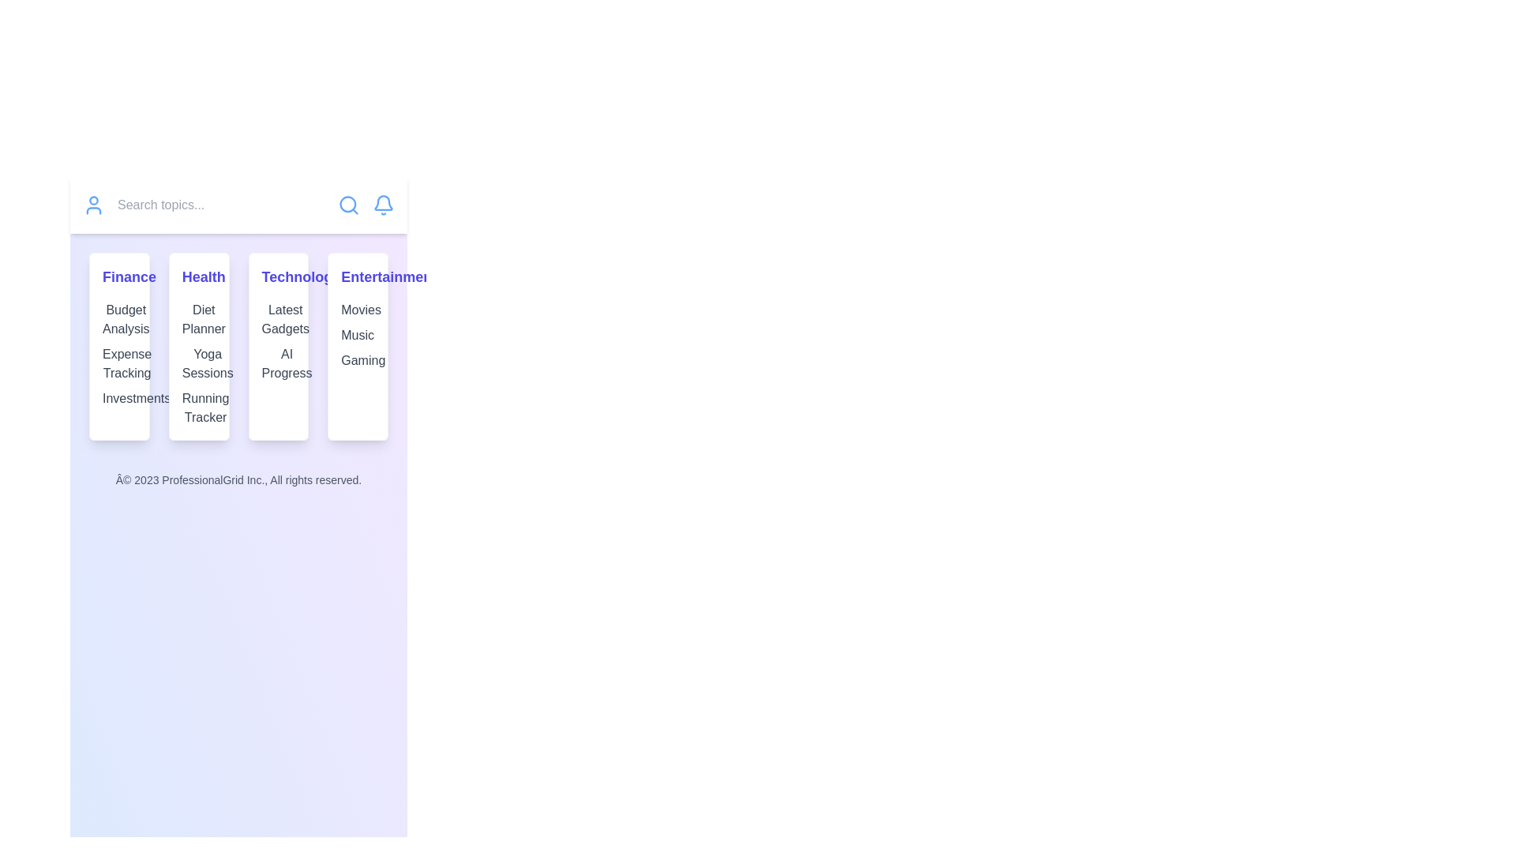 Image resolution: width=1516 pixels, height=853 pixels. What do you see at coordinates (118, 320) in the screenshot?
I see `the 'Budget Analysis' text label, which is the first item in the vertical list under the 'Finance' category` at bounding box center [118, 320].